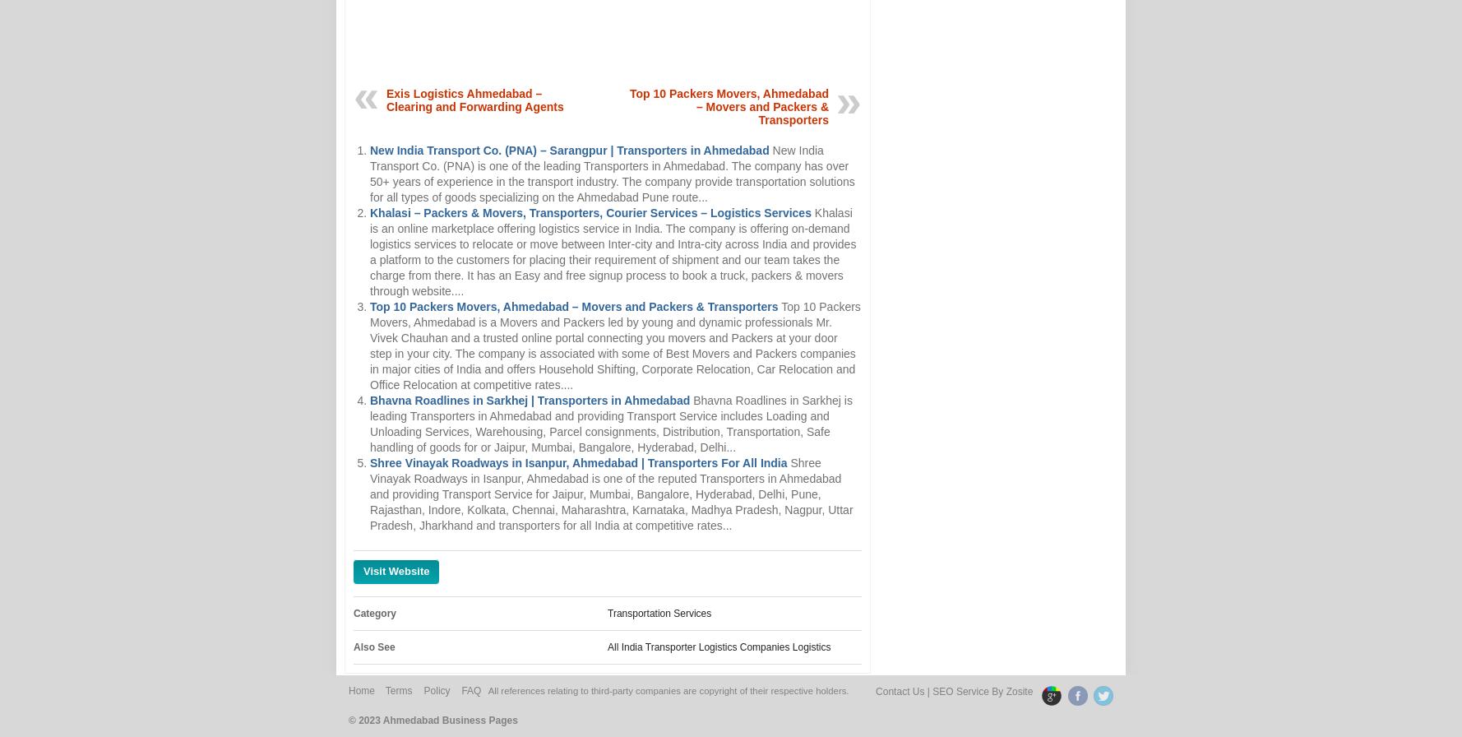 This screenshot has width=1462, height=737. I want to click on 'Supply Chain Management Companies', so click(729, 671).